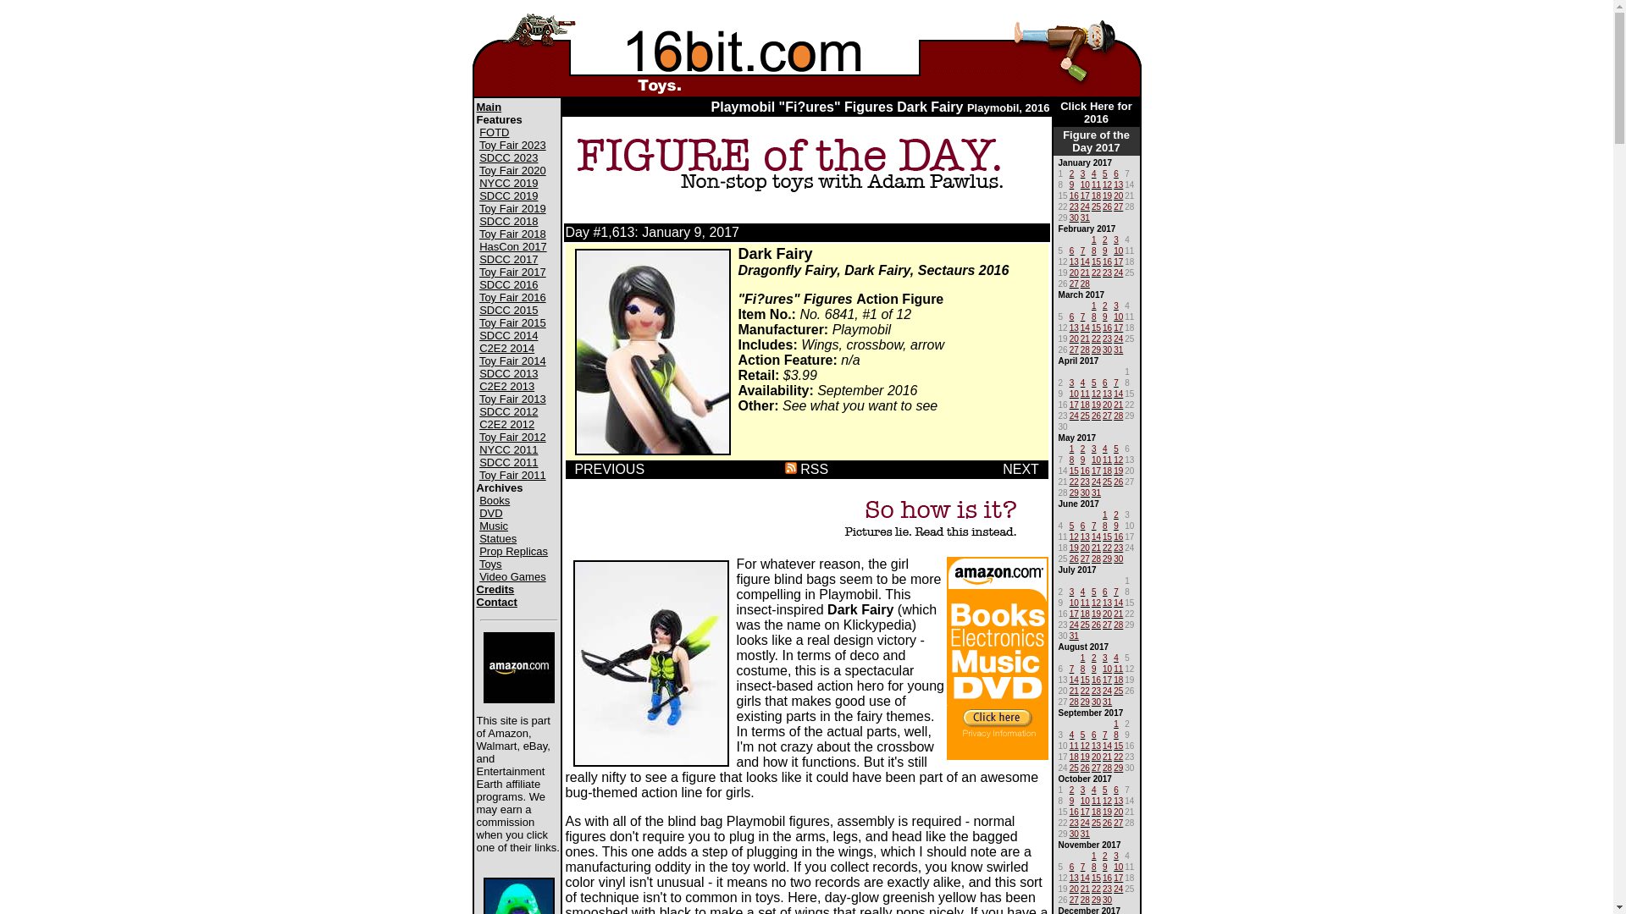 This screenshot has height=914, width=1626. Describe the element at coordinates (487, 107) in the screenshot. I see `'Main'` at that location.